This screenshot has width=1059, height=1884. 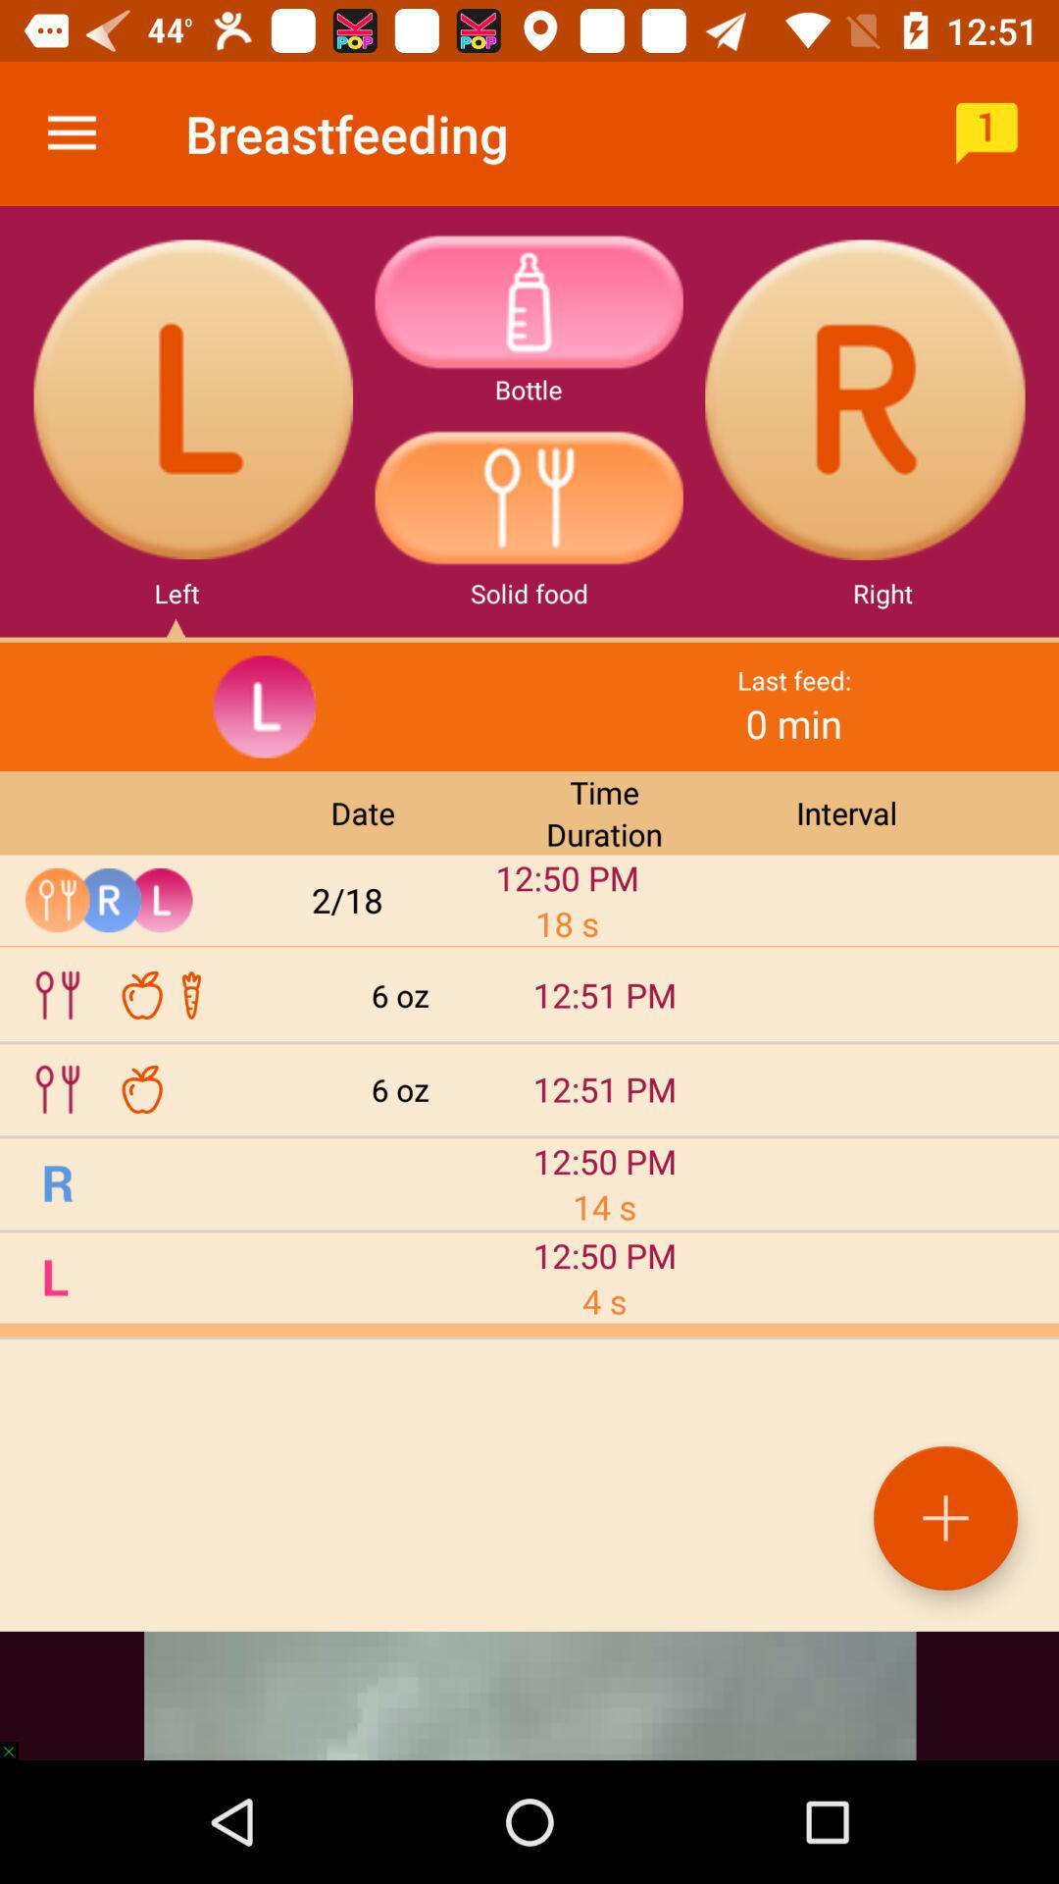 What do you see at coordinates (944, 1517) in the screenshot?
I see `the add icon` at bounding box center [944, 1517].